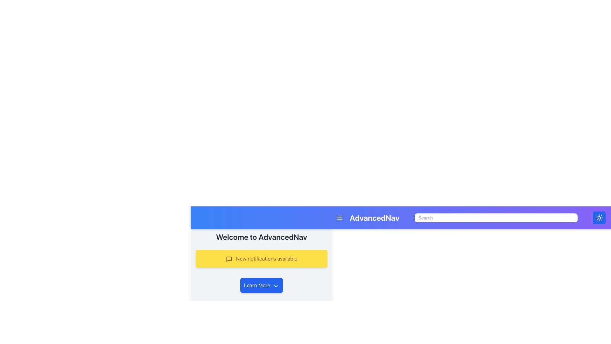 The width and height of the screenshot is (611, 344). I want to click on the Sun Graphic icon located at the far right end of the navigation bar, so click(599, 217).